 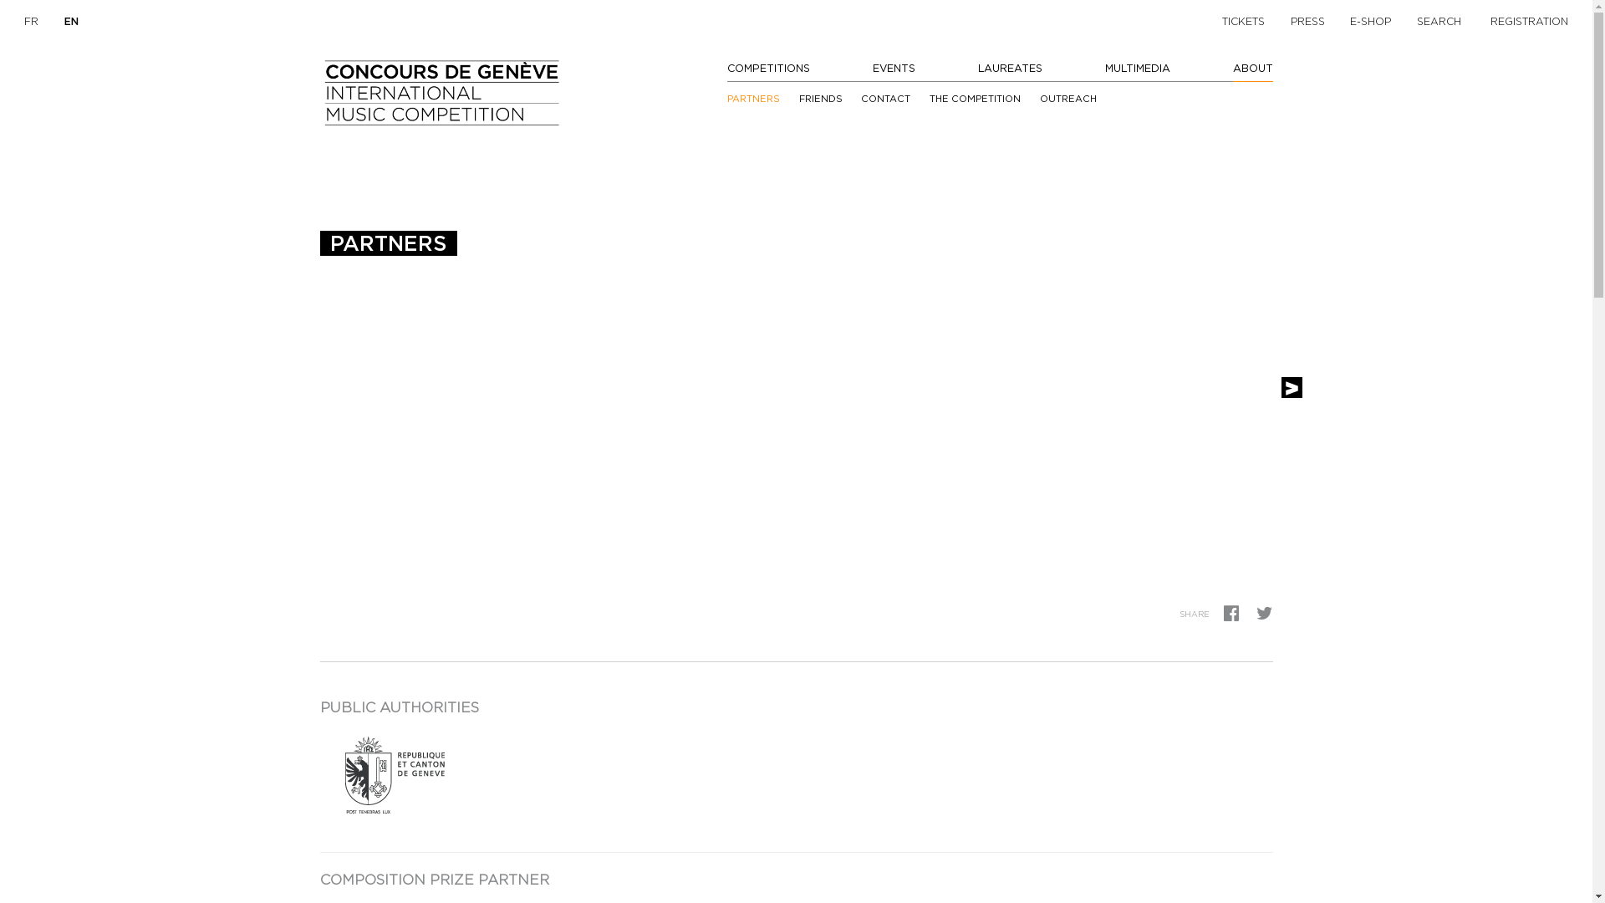 I want to click on 'EVENTS', so click(x=893, y=67).